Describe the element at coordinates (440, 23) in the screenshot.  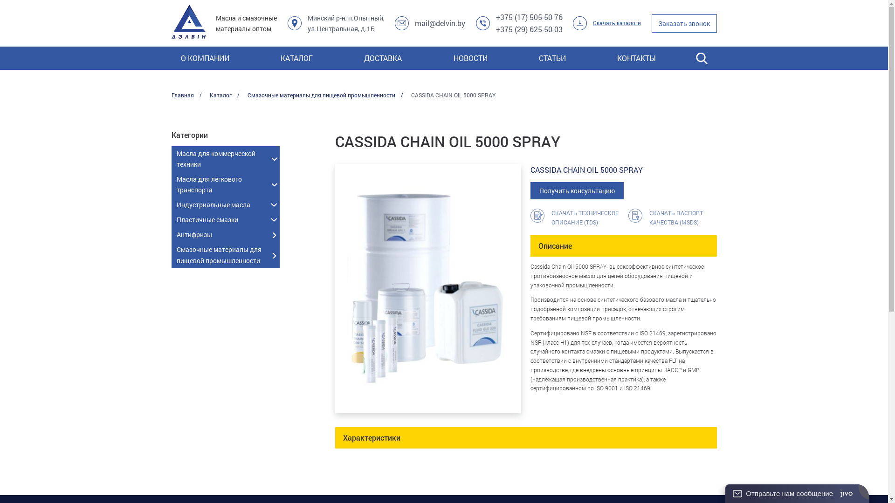
I see `'mail@delvin.by'` at that location.